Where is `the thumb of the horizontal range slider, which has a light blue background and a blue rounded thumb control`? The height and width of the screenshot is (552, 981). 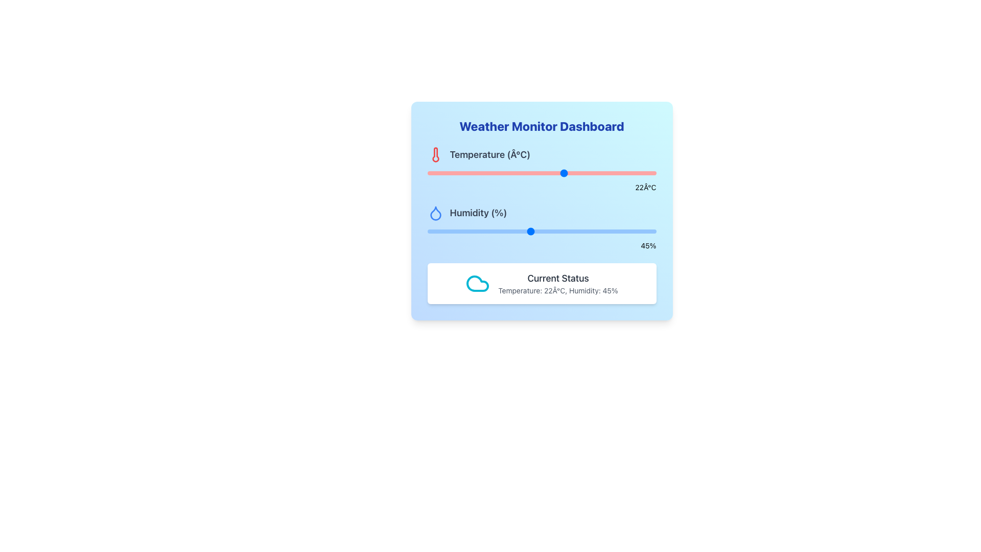 the thumb of the horizontal range slider, which has a light blue background and a blue rounded thumb control is located at coordinates (541, 231).